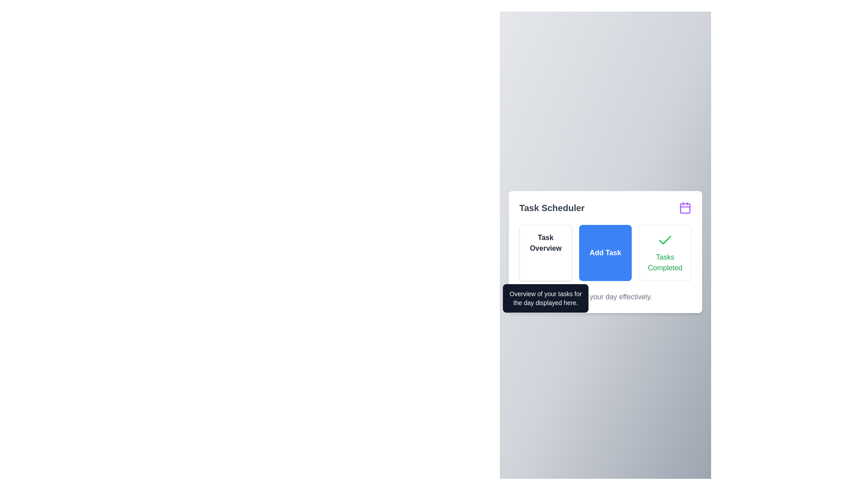 The height and width of the screenshot is (481, 856). I want to click on text displayed in the tooltip that provides additional information about the tasks overview, located directly below the 'Task Overview' section in the 'Task Scheduler' panel, so click(545, 298).